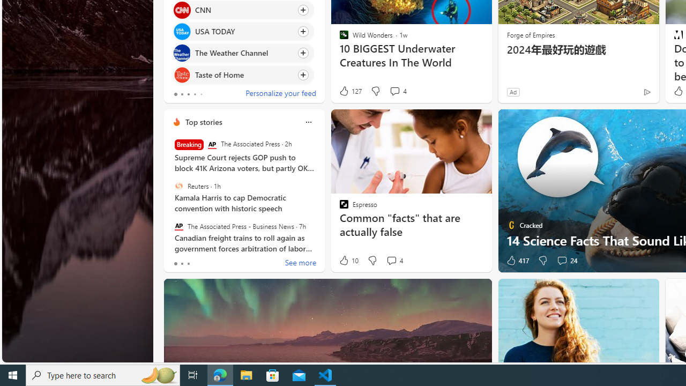 The width and height of the screenshot is (686, 386). Describe the element at coordinates (195, 94) in the screenshot. I see `'tab-3'` at that location.